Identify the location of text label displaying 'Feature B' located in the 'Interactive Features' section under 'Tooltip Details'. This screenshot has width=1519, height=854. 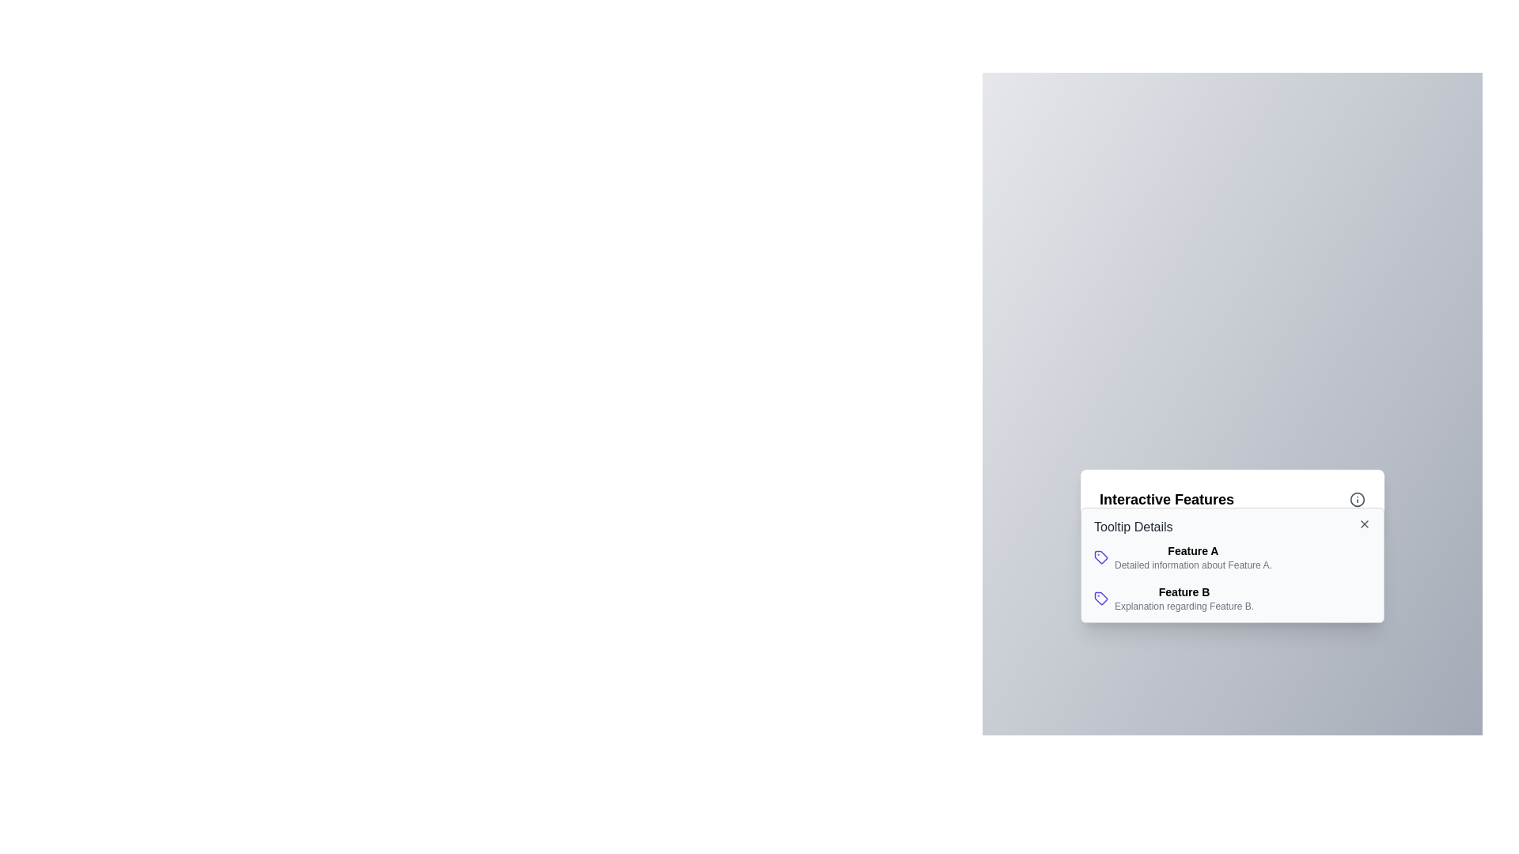
(1184, 591).